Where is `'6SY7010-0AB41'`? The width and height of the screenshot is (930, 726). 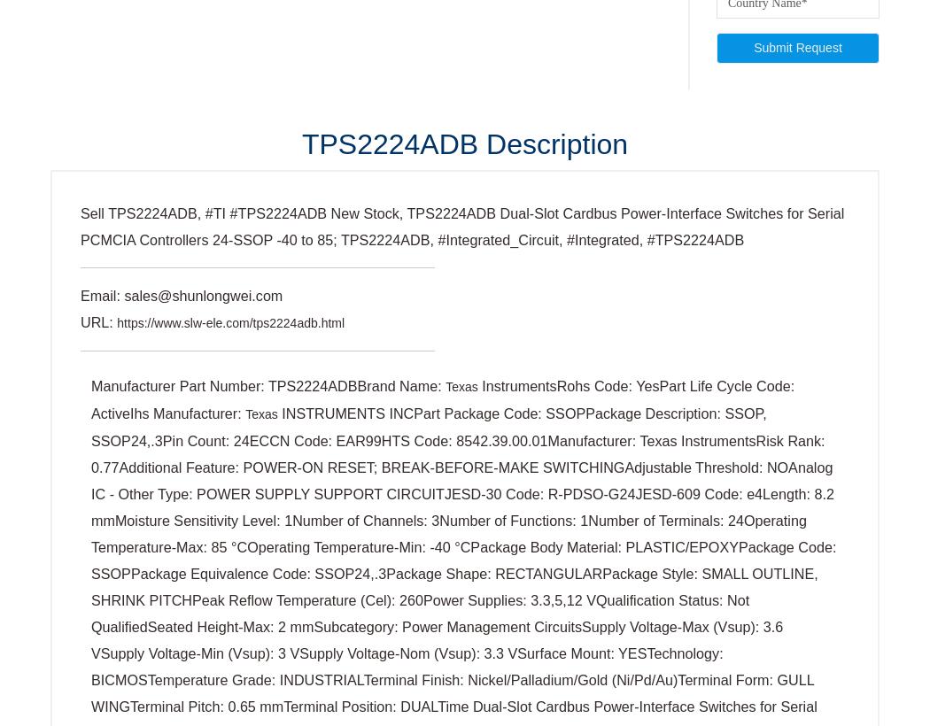 '6SY7010-0AB41' is located at coordinates (785, 661).